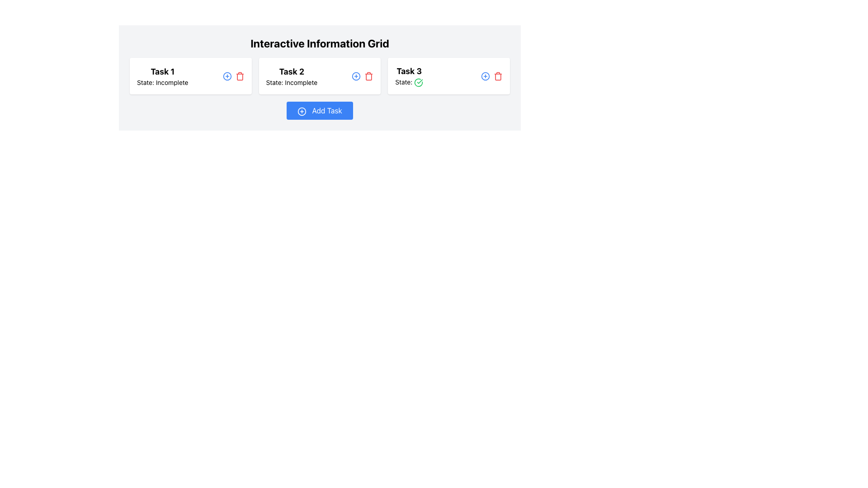 The height and width of the screenshot is (488, 868). Describe the element at coordinates (409, 82) in the screenshot. I see `the Label with icon that denotes the task's state, located in the bottom section of the 'Task 3' card, just below the title 'Task 3'` at that location.